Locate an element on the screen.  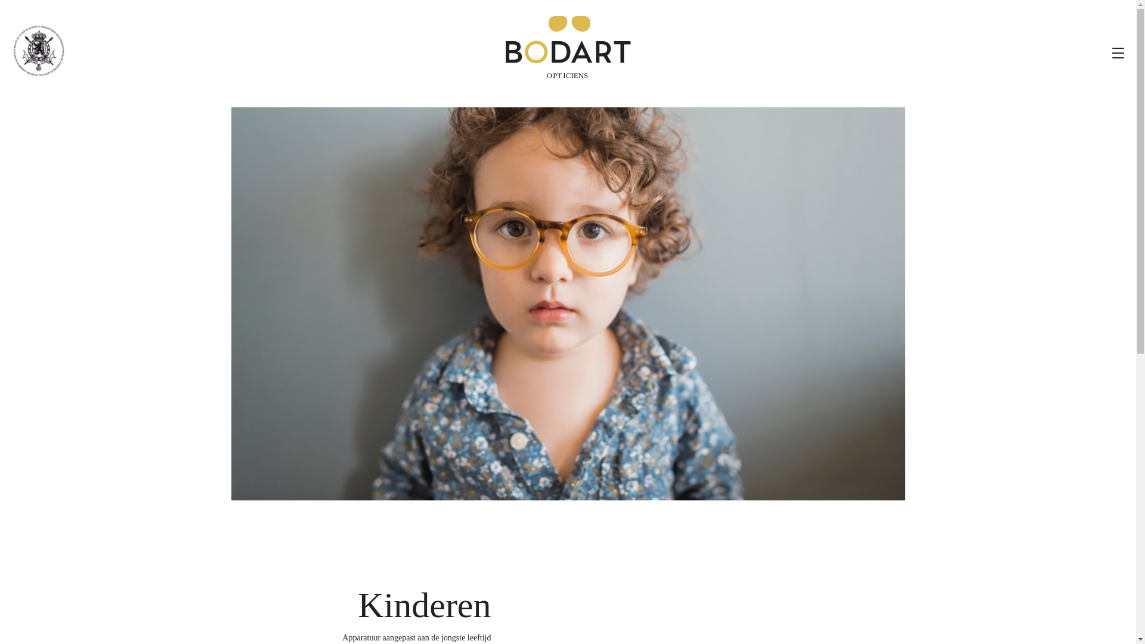
'Bodart Opticiens' is located at coordinates (506, 47).